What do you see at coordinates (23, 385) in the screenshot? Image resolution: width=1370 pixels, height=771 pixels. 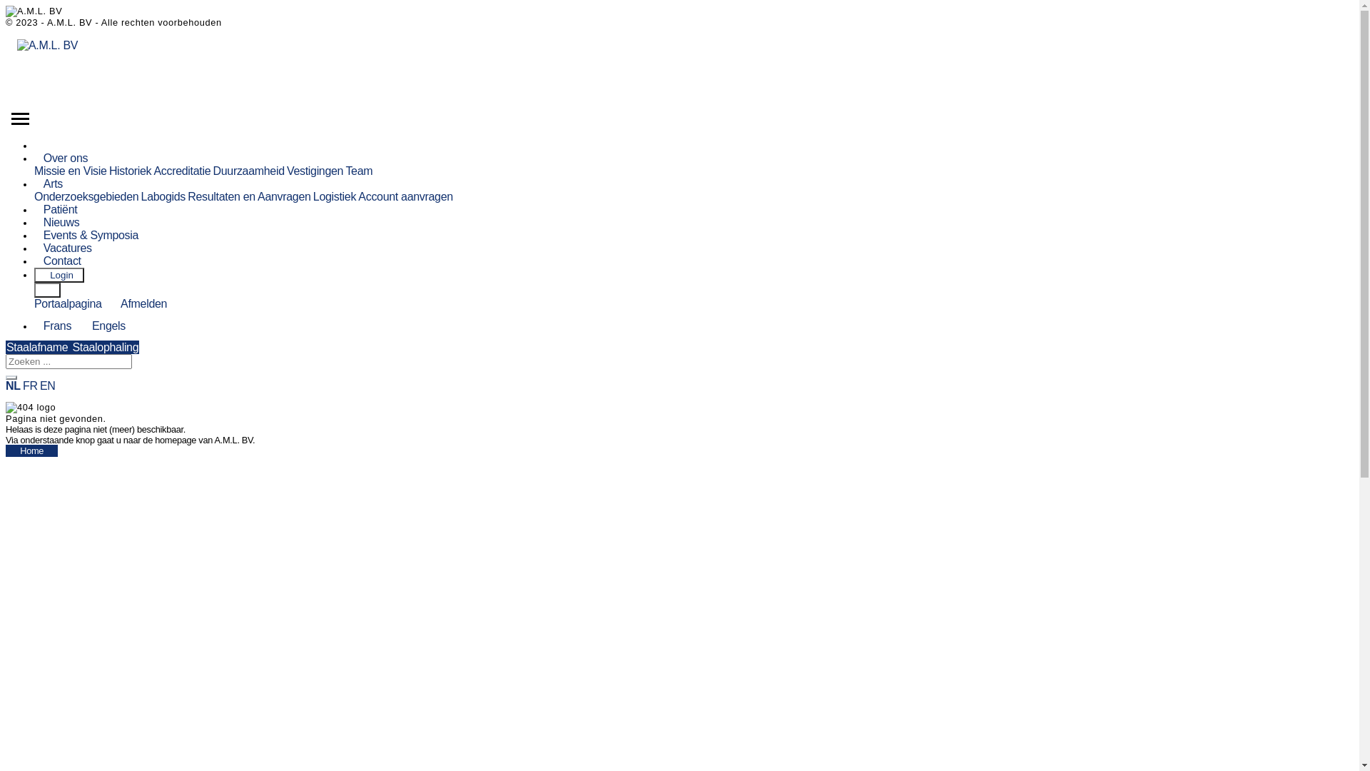 I see `'FR'` at bounding box center [23, 385].